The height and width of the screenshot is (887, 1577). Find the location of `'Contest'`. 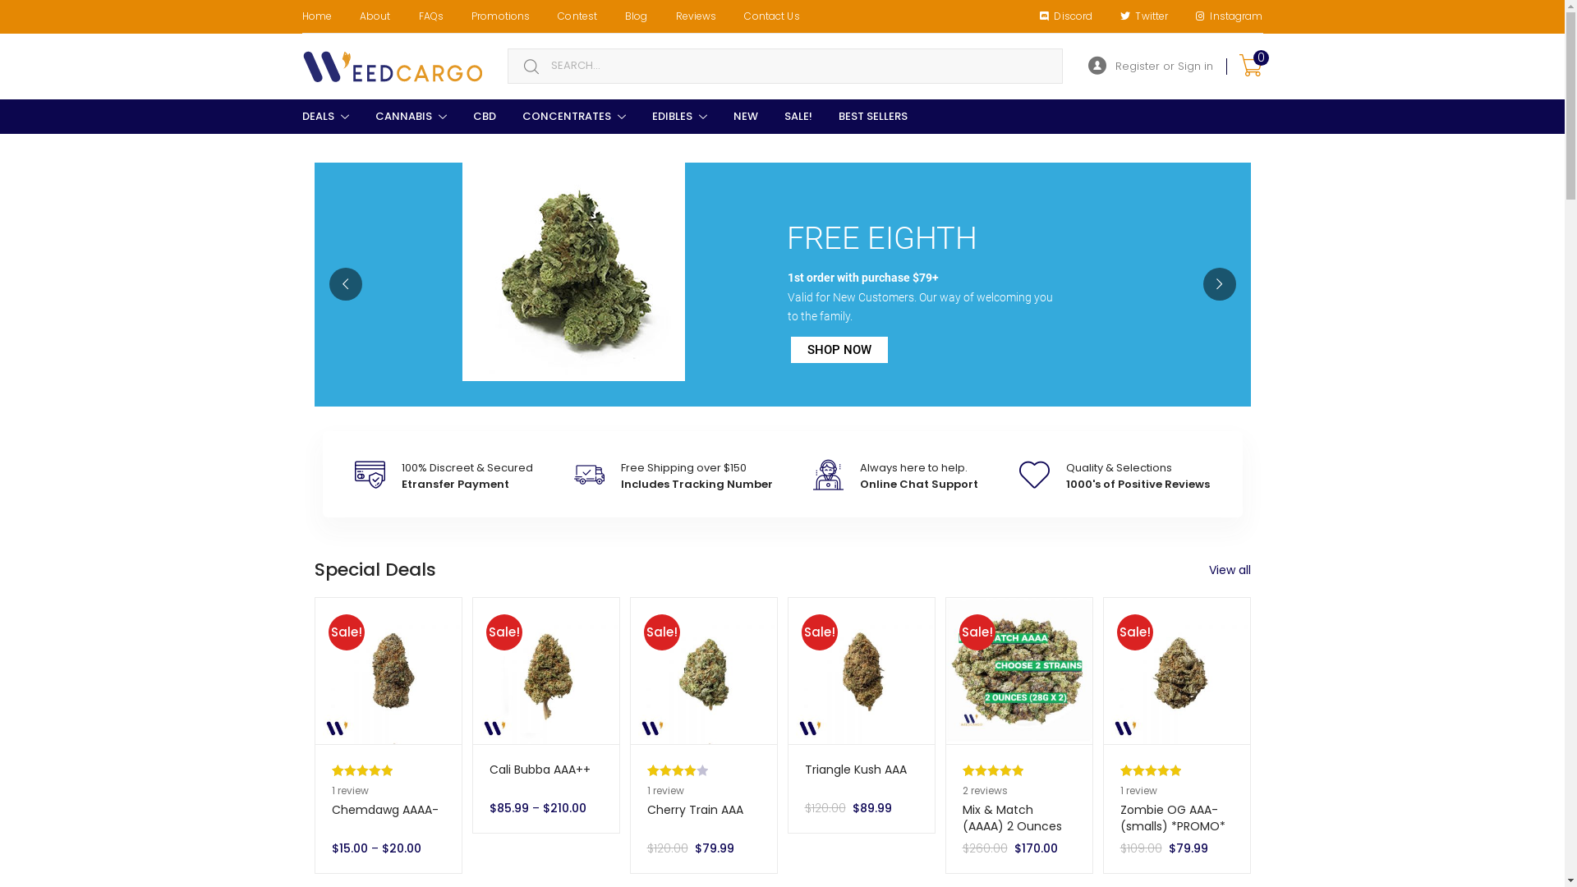

'Contest' is located at coordinates (577, 16).